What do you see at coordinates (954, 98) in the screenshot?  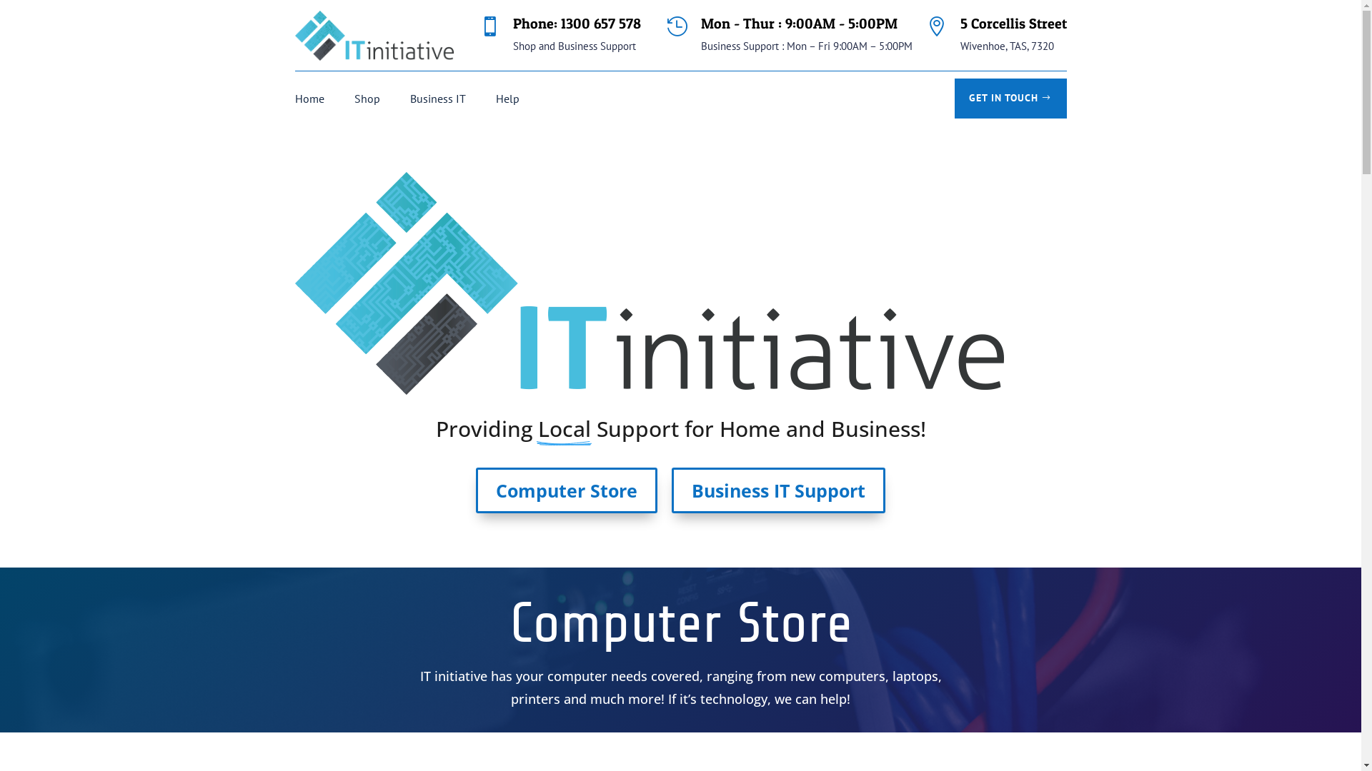 I see `'GET IN TOUCH'` at bounding box center [954, 98].